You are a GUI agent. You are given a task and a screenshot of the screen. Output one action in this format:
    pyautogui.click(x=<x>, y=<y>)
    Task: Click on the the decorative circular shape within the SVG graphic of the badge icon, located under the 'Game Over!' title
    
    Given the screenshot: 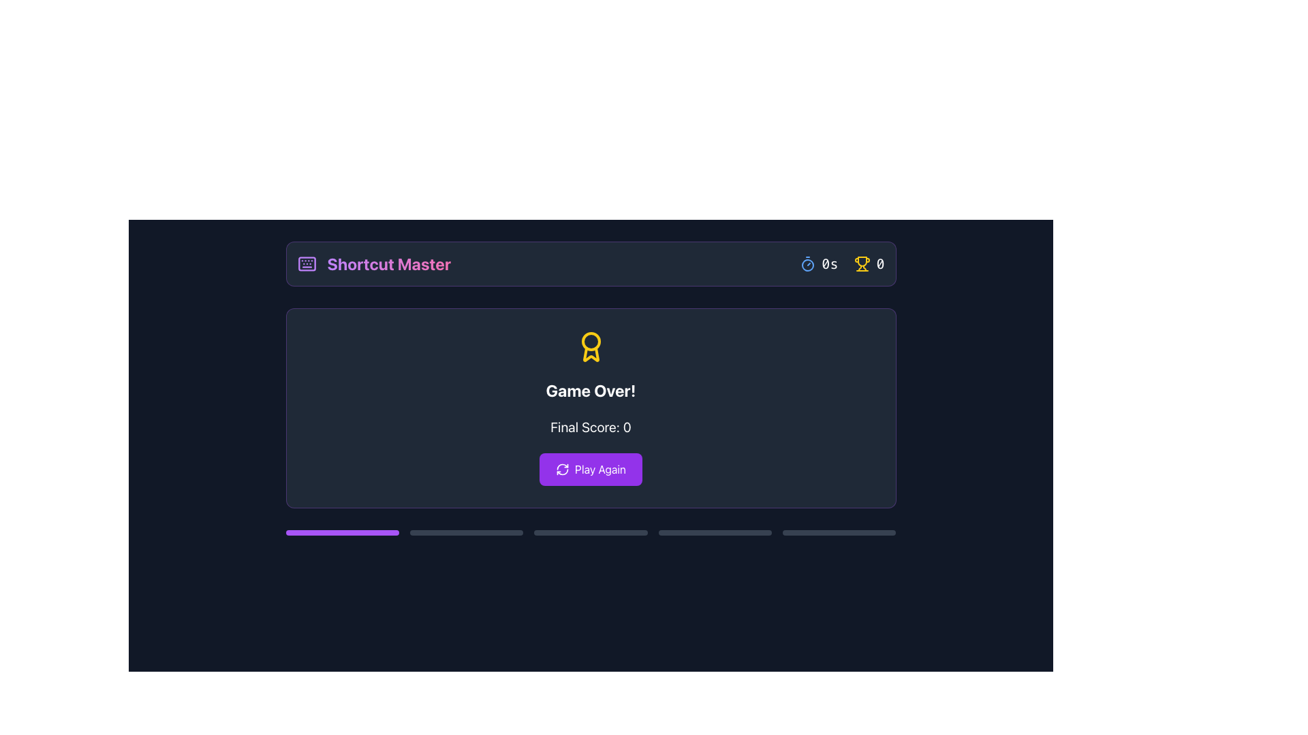 What is the action you would take?
    pyautogui.click(x=591, y=340)
    